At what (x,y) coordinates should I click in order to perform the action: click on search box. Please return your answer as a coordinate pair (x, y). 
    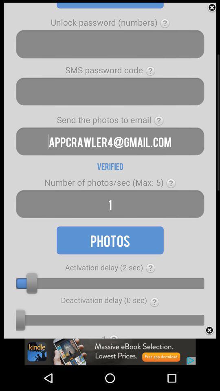
    Looking at the image, I should click on (110, 44).